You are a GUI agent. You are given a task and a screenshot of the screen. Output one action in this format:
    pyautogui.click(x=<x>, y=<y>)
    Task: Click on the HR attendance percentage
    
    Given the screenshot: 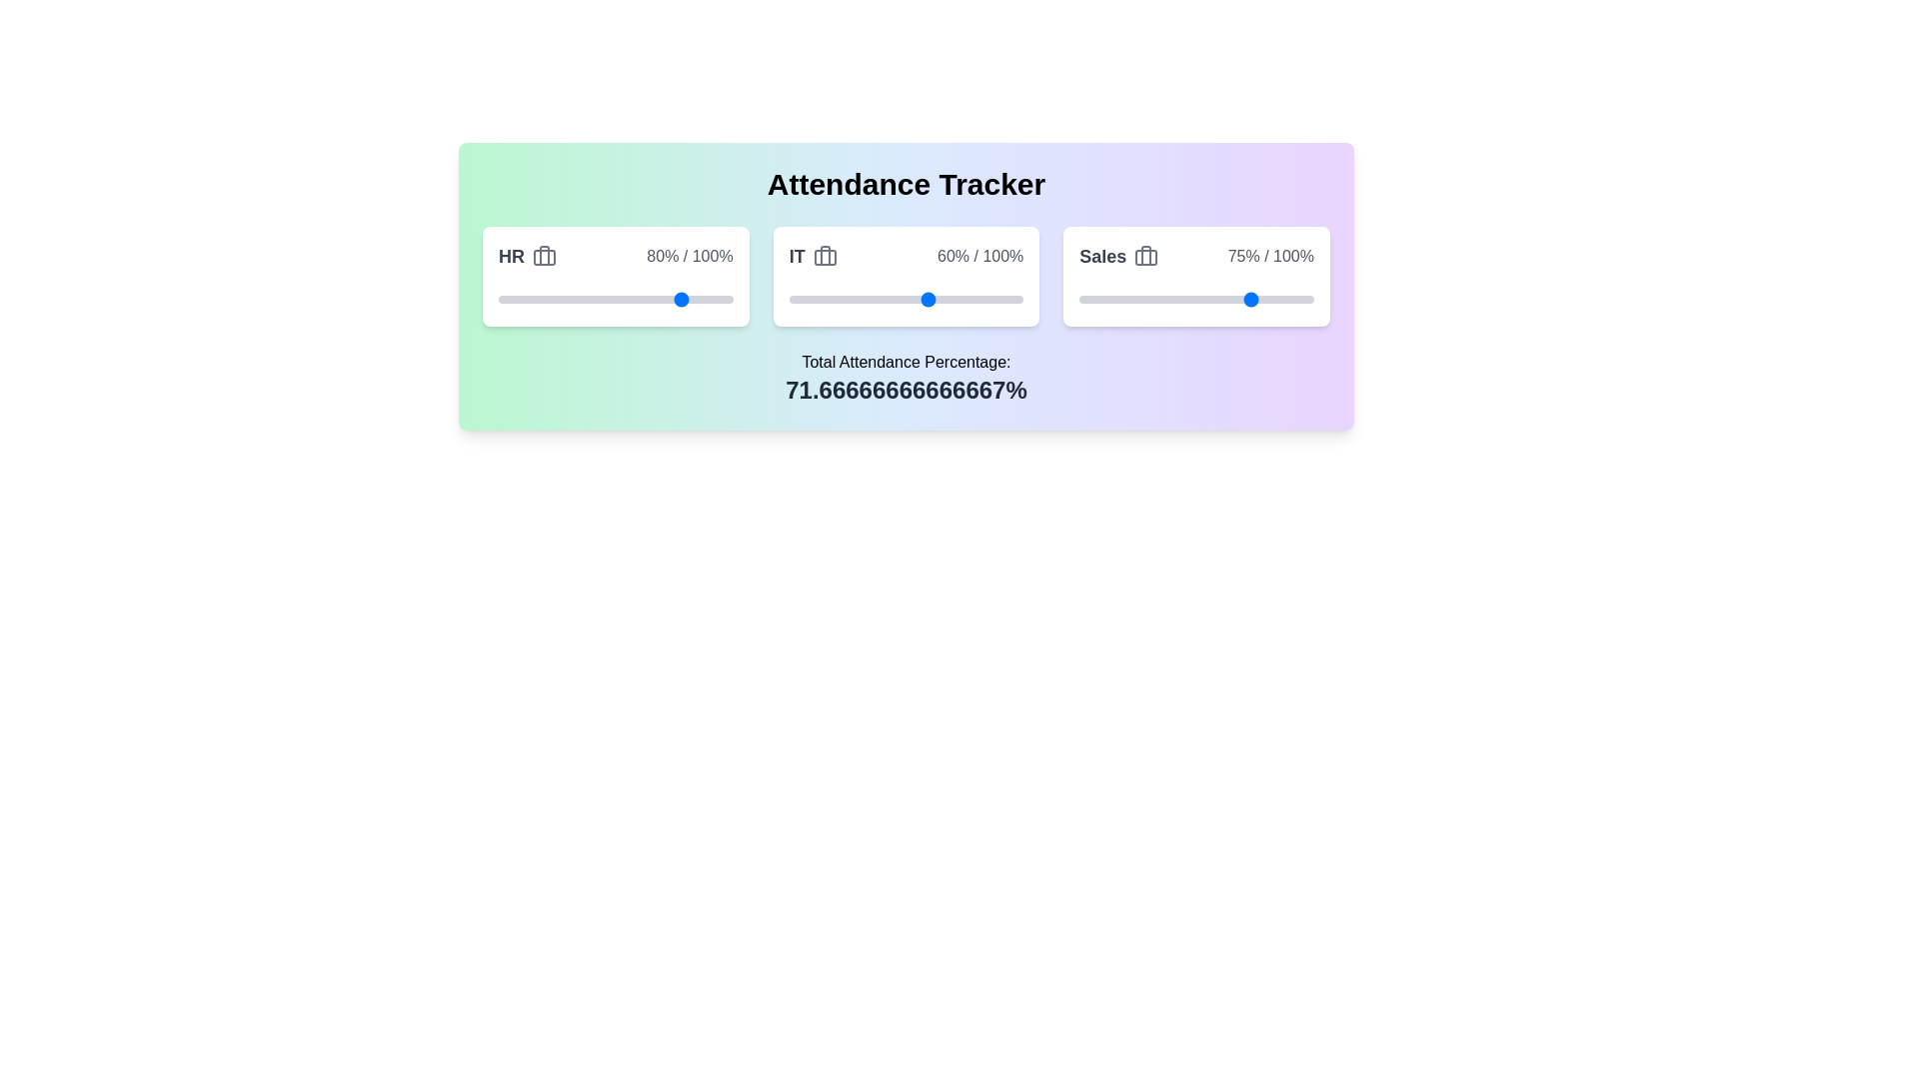 What is the action you would take?
    pyautogui.click(x=624, y=300)
    